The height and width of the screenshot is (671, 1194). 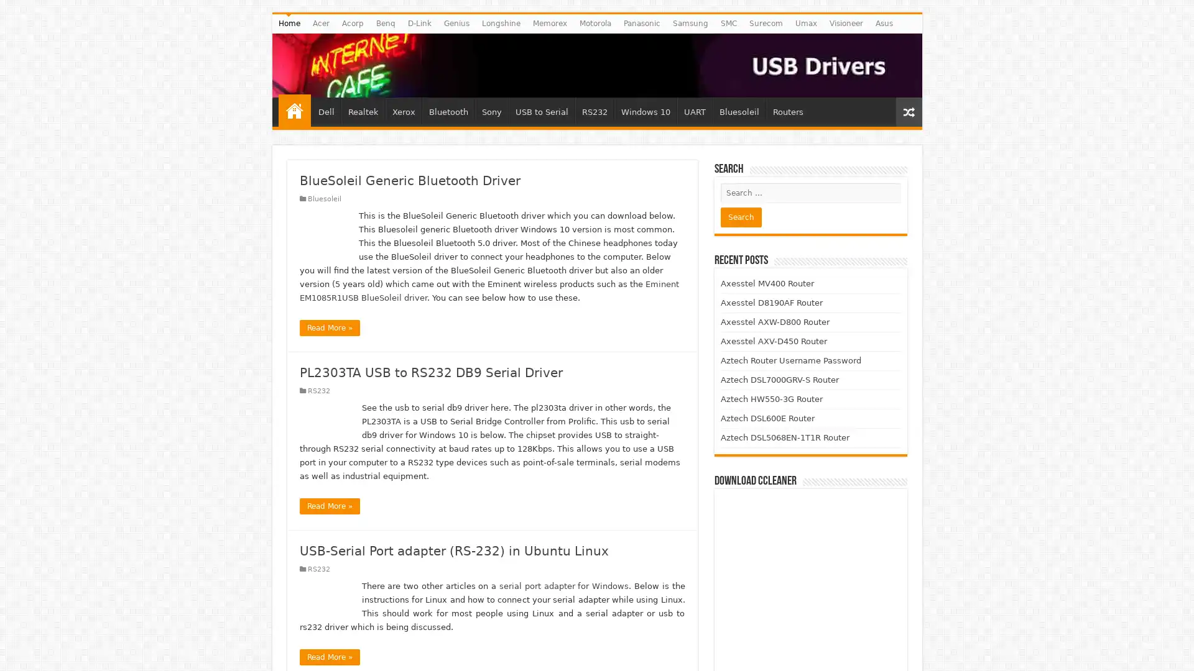 What do you see at coordinates (740, 217) in the screenshot?
I see `Search` at bounding box center [740, 217].